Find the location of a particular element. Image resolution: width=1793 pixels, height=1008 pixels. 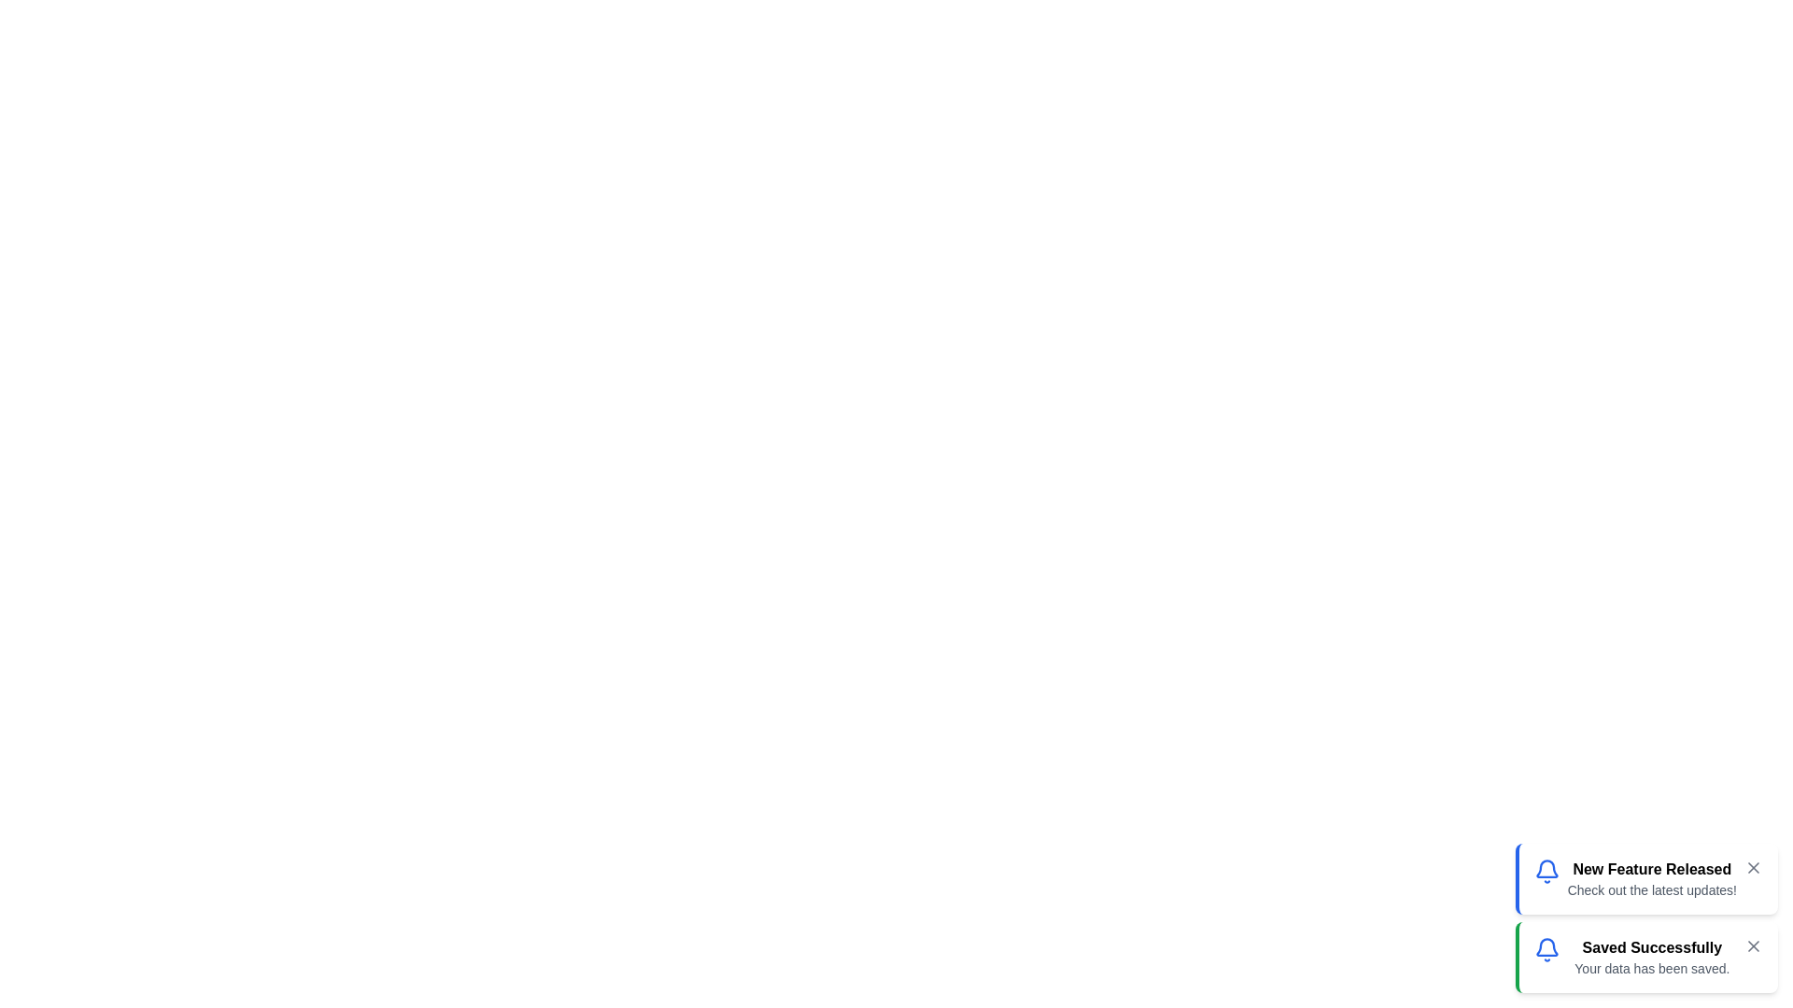

the static text label that serves as a notification header indicating successful data saving, positioned in the bottom-right area of the interface, above the text 'Your data has been saved.' is located at coordinates (1652, 947).